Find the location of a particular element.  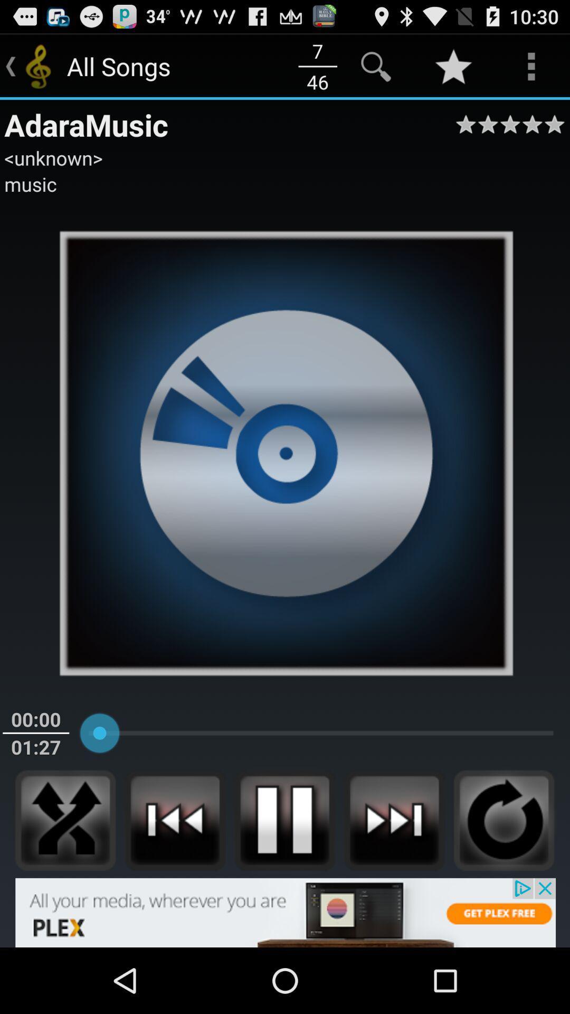

the text beside the music icon is located at coordinates (202, 65).